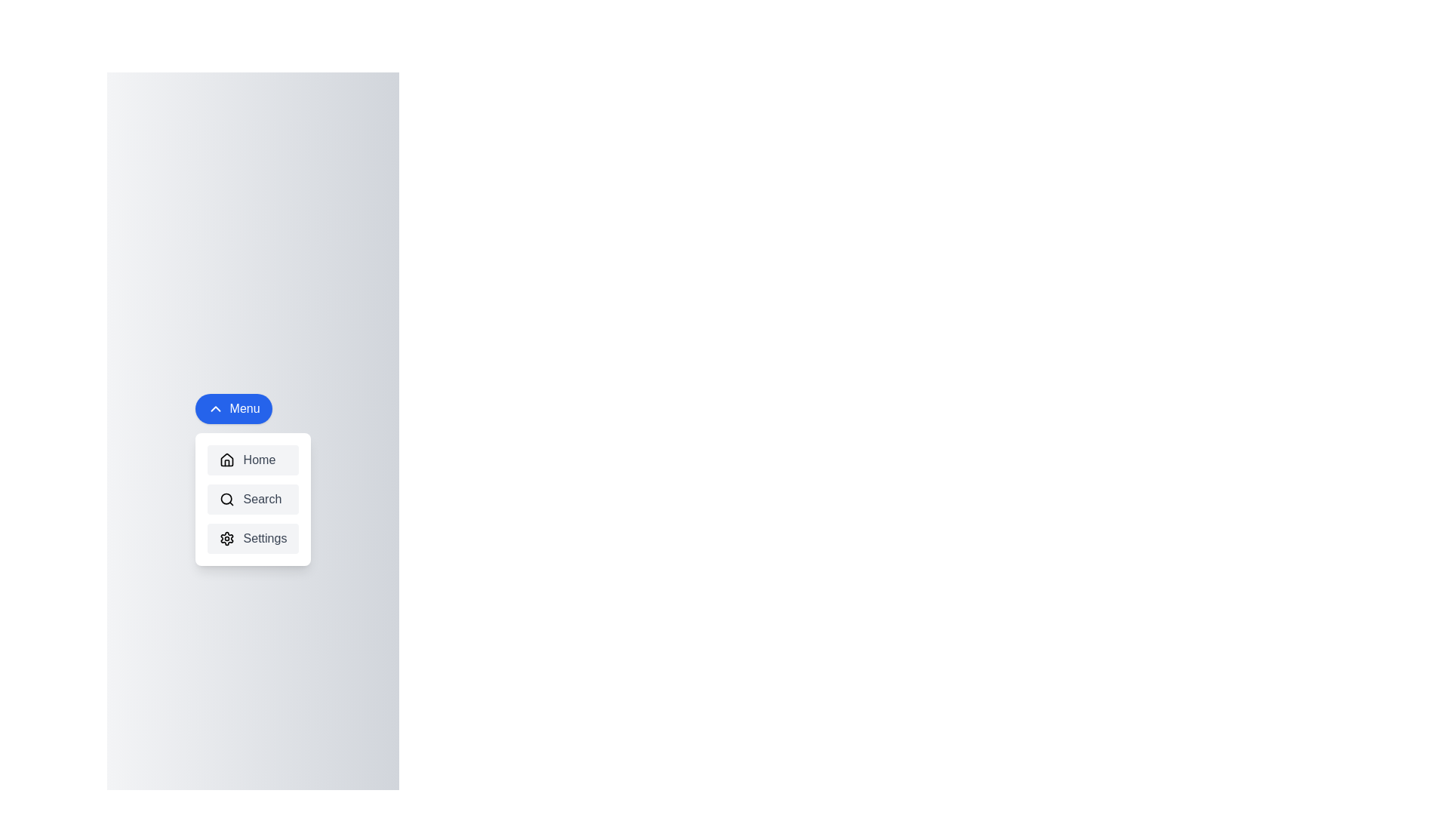 The height and width of the screenshot is (815, 1449). What do you see at coordinates (253, 500) in the screenshot?
I see `the 'Search' button in the menu` at bounding box center [253, 500].